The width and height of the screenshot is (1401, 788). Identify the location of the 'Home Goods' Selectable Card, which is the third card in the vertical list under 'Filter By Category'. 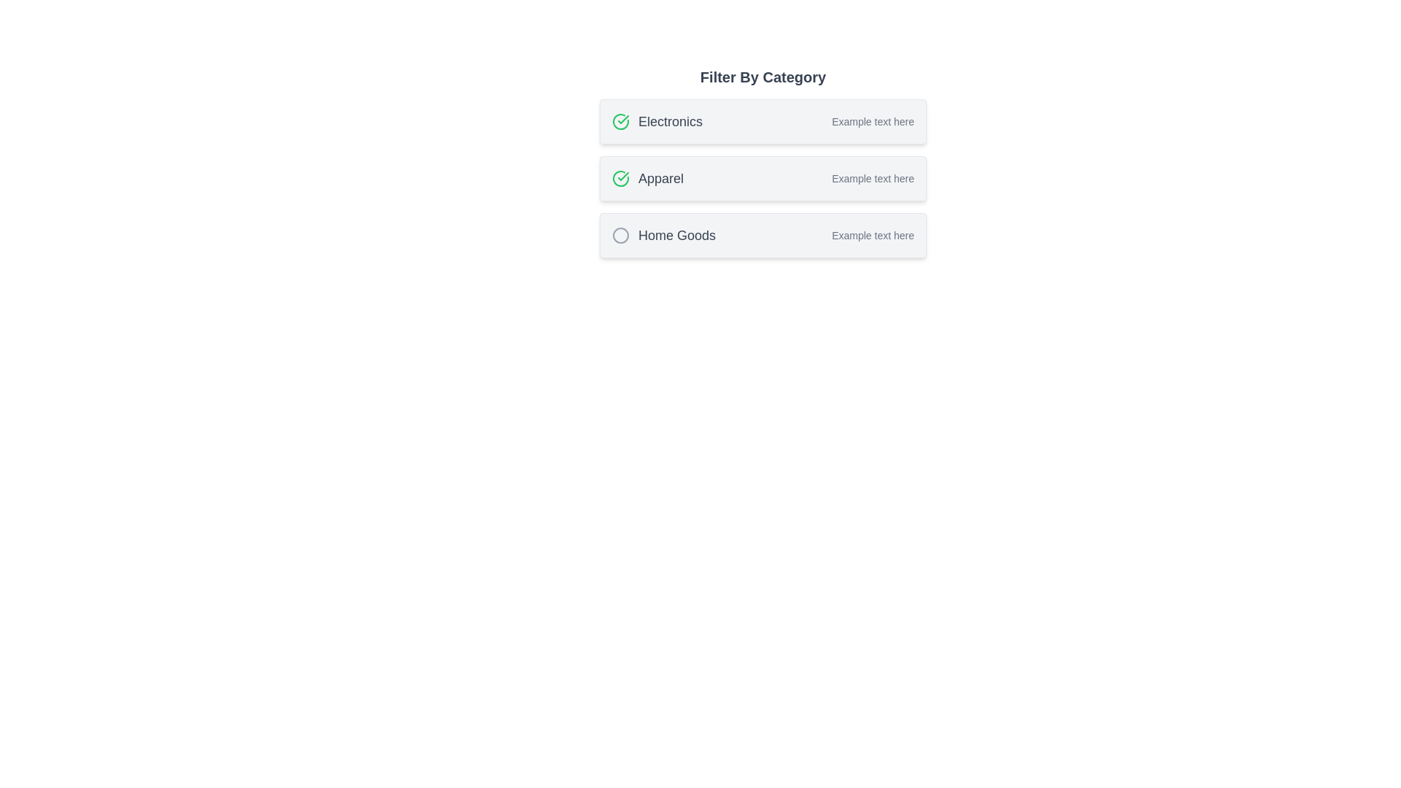
(763, 235).